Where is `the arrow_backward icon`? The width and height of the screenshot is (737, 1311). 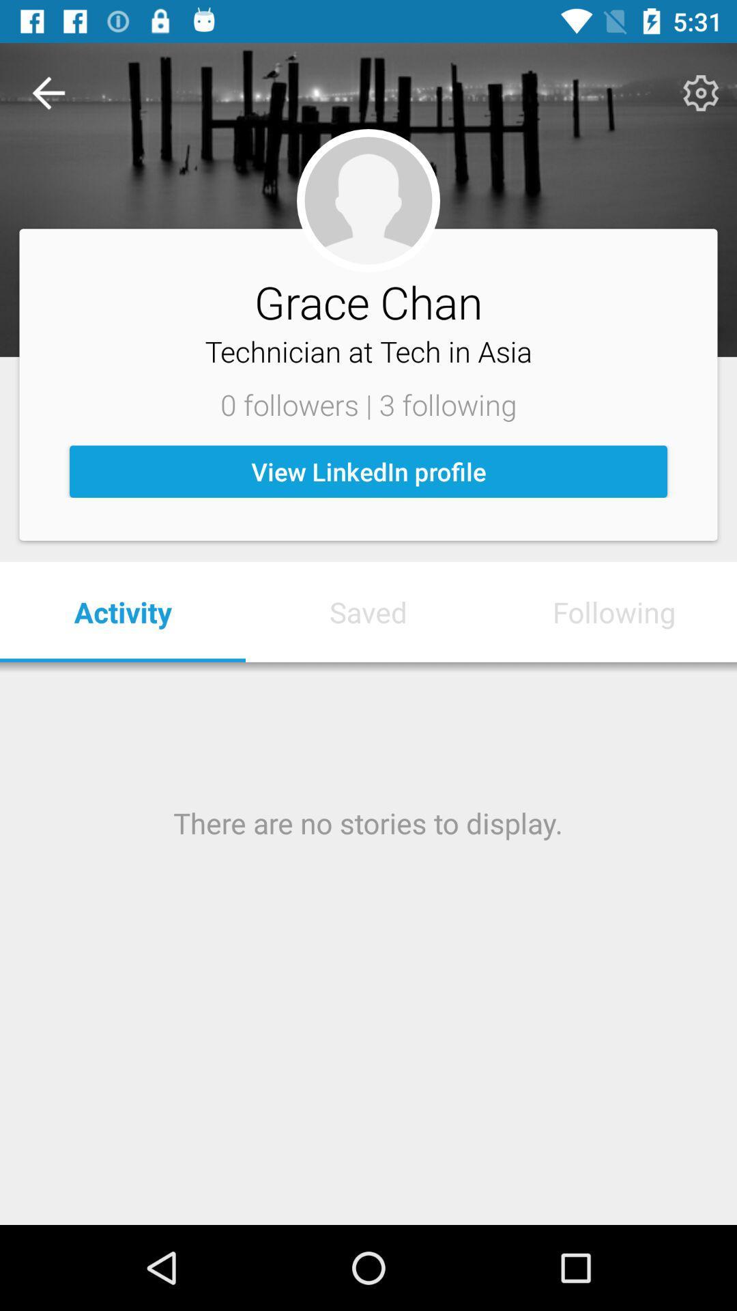
the arrow_backward icon is located at coordinates (48, 92).